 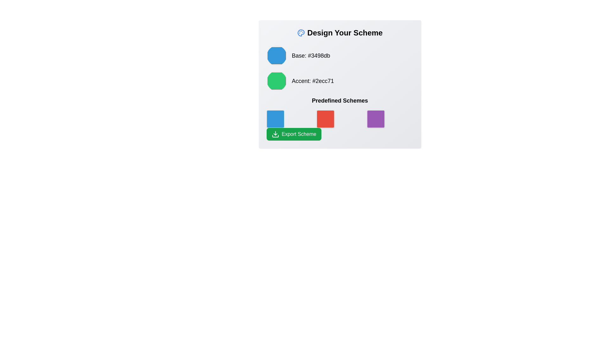 What do you see at coordinates (376, 119) in the screenshot?
I see `the third button in the bottom row of the 'Predefined Schemes' section` at bounding box center [376, 119].